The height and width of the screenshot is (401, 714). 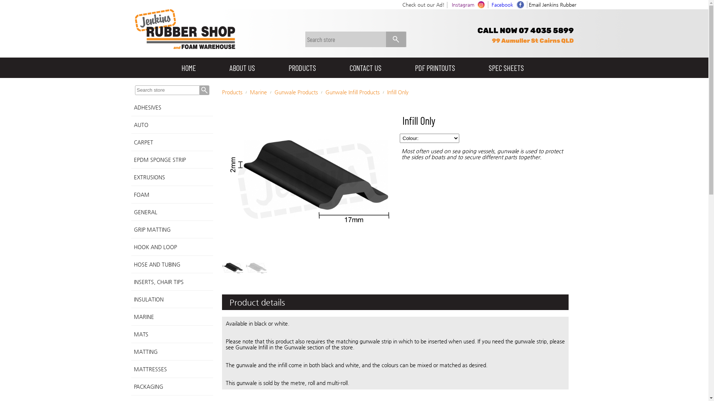 I want to click on 'PDF PRINTOUTS', so click(x=435, y=68).